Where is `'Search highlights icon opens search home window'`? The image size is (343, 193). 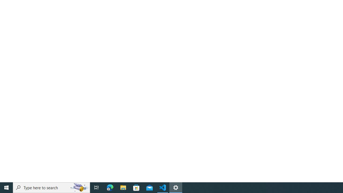
'Search highlights icon opens search home window' is located at coordinates (79, 187).